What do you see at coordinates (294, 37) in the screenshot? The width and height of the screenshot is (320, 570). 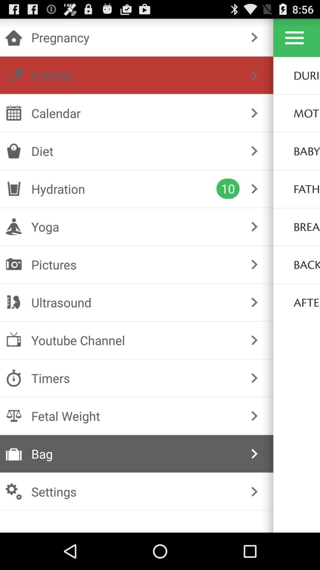 I see `menu options` at bounding box center [294, 37].